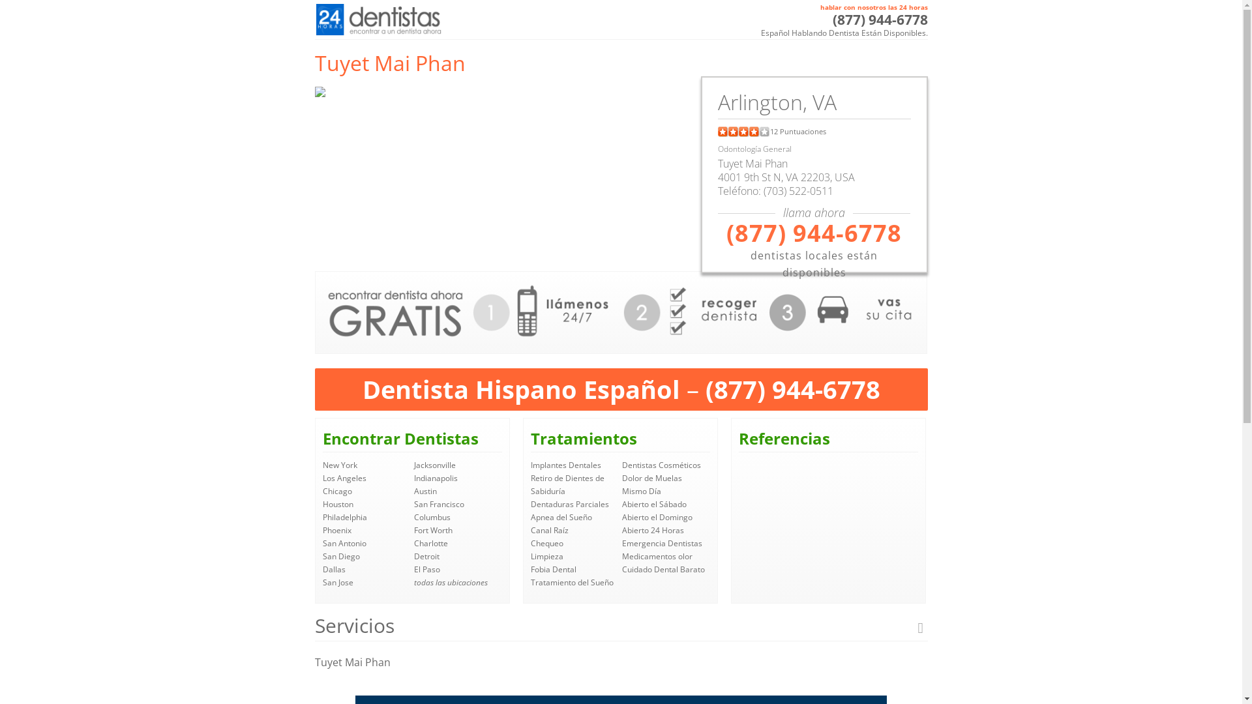 This screenshot has width=1252, height=704. Describe the element at coordinates (451, 581) in the screenshot. I see `'todas las ubicaciones'` at that location.